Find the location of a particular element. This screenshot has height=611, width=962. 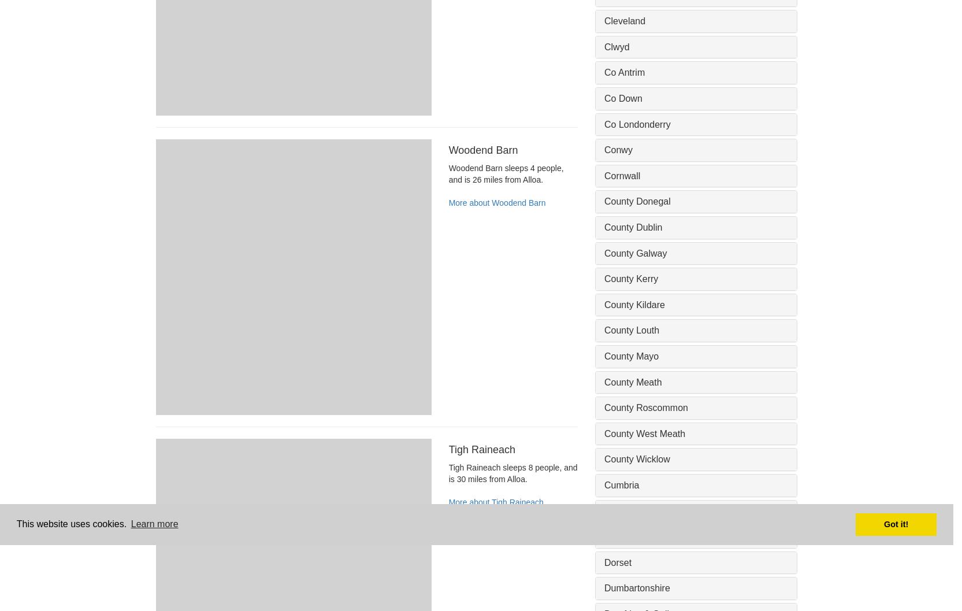

'County Kildare' is located at coordinates (634, 304).